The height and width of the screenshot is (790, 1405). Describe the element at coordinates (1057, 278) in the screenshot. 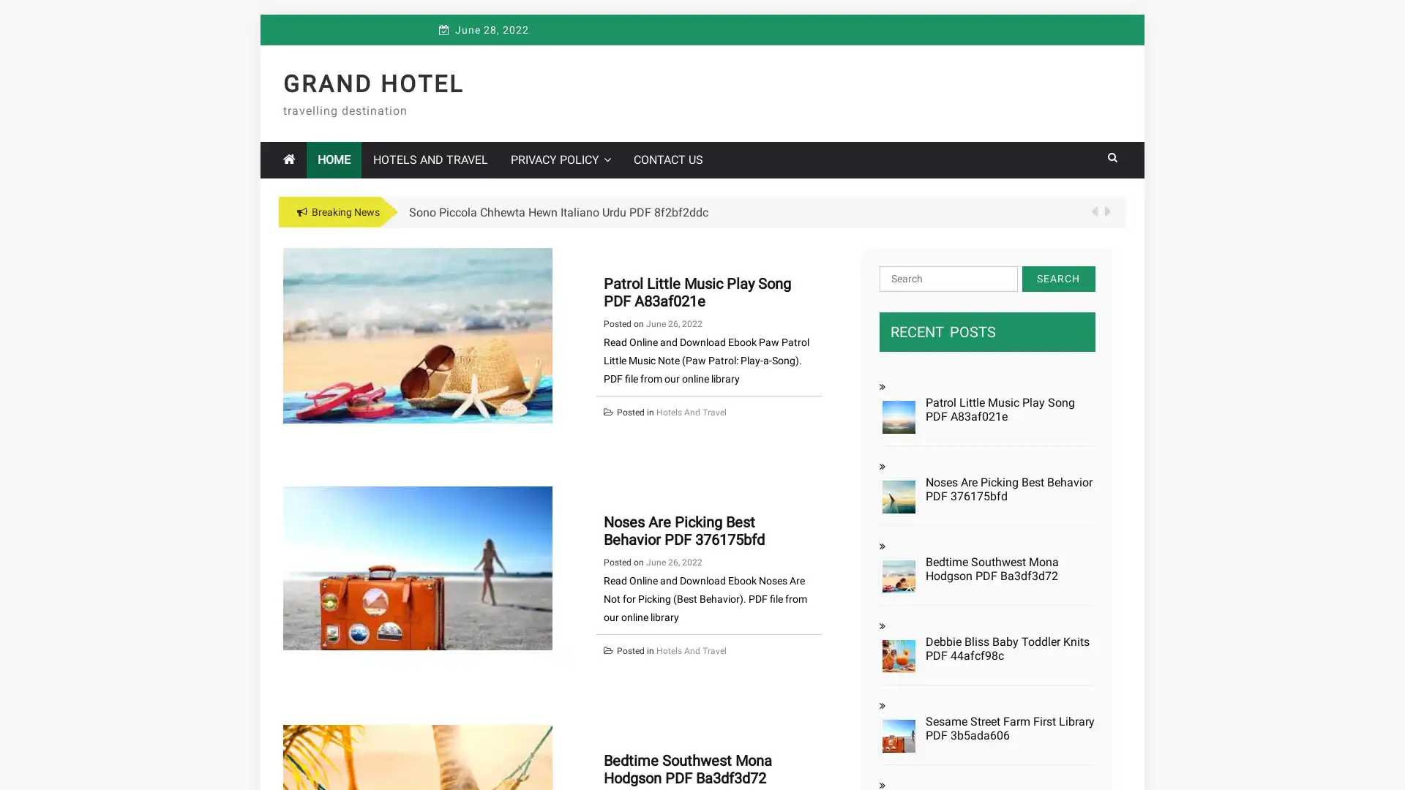

I see `Search` at that location.